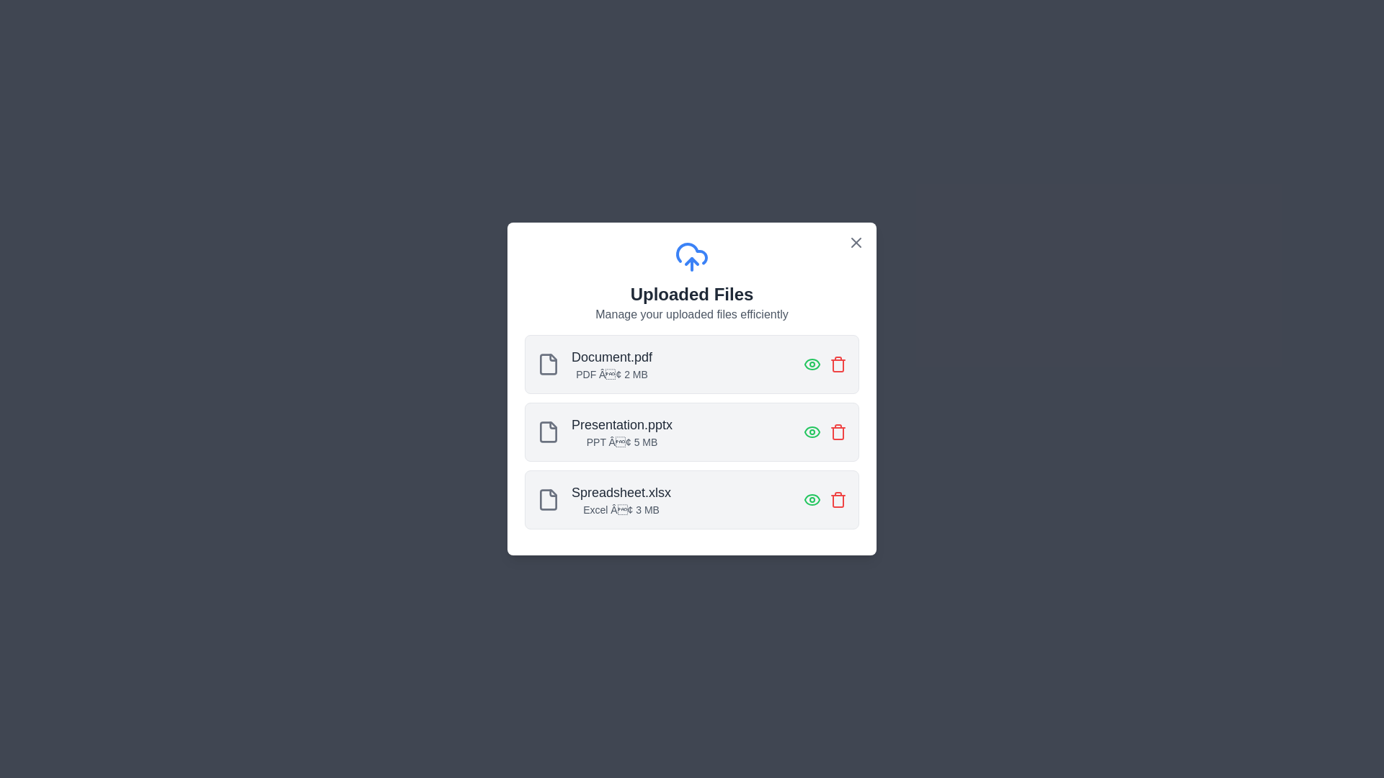 This screenshot has width=1384, height=778. What do you see at coordinates (621, 509) in the screenshot?
I see `the text label that provides file type and size information for the document labeled 'Spreadsheet.xlsx', which is positioned directly below the filename in the 'Uploaded Files' interface` at bounding box center [621, 509].